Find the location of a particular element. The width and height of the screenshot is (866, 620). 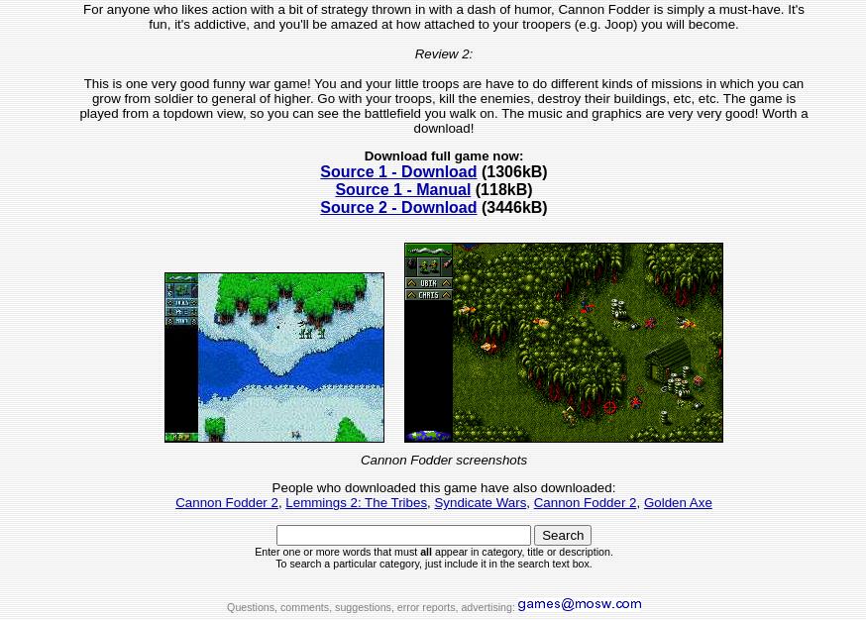

'People who downloaded this game have also downloaded:' is located at coordinates (271, 487).